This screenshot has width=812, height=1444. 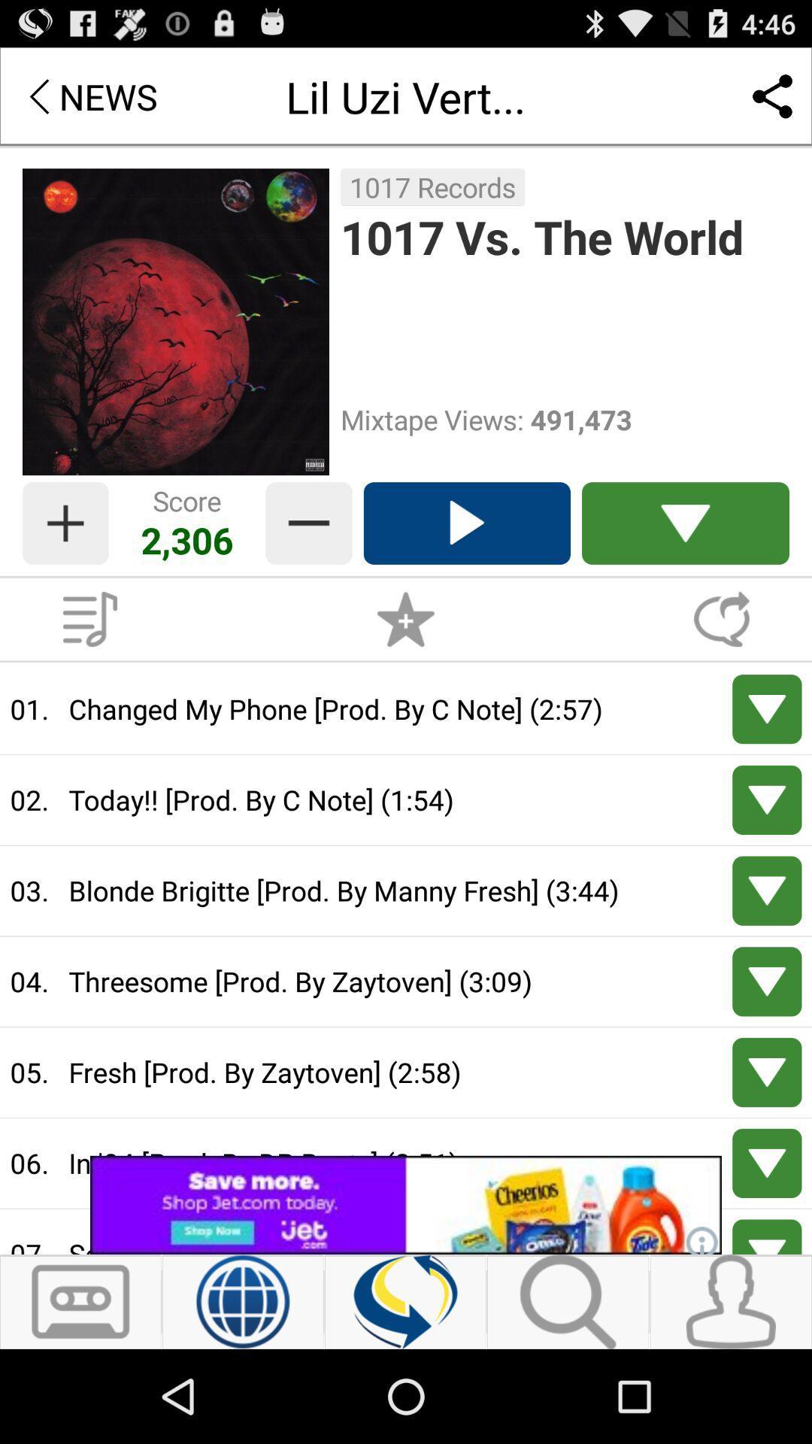 What do you see at coordinates (767, 799) in the screenshot?
I see `play` at bounding box center [767, 799].